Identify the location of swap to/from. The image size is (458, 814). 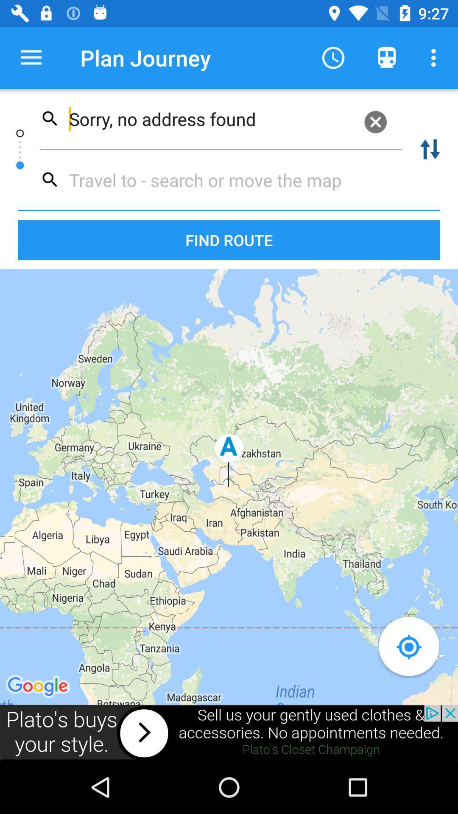
(430, 149).